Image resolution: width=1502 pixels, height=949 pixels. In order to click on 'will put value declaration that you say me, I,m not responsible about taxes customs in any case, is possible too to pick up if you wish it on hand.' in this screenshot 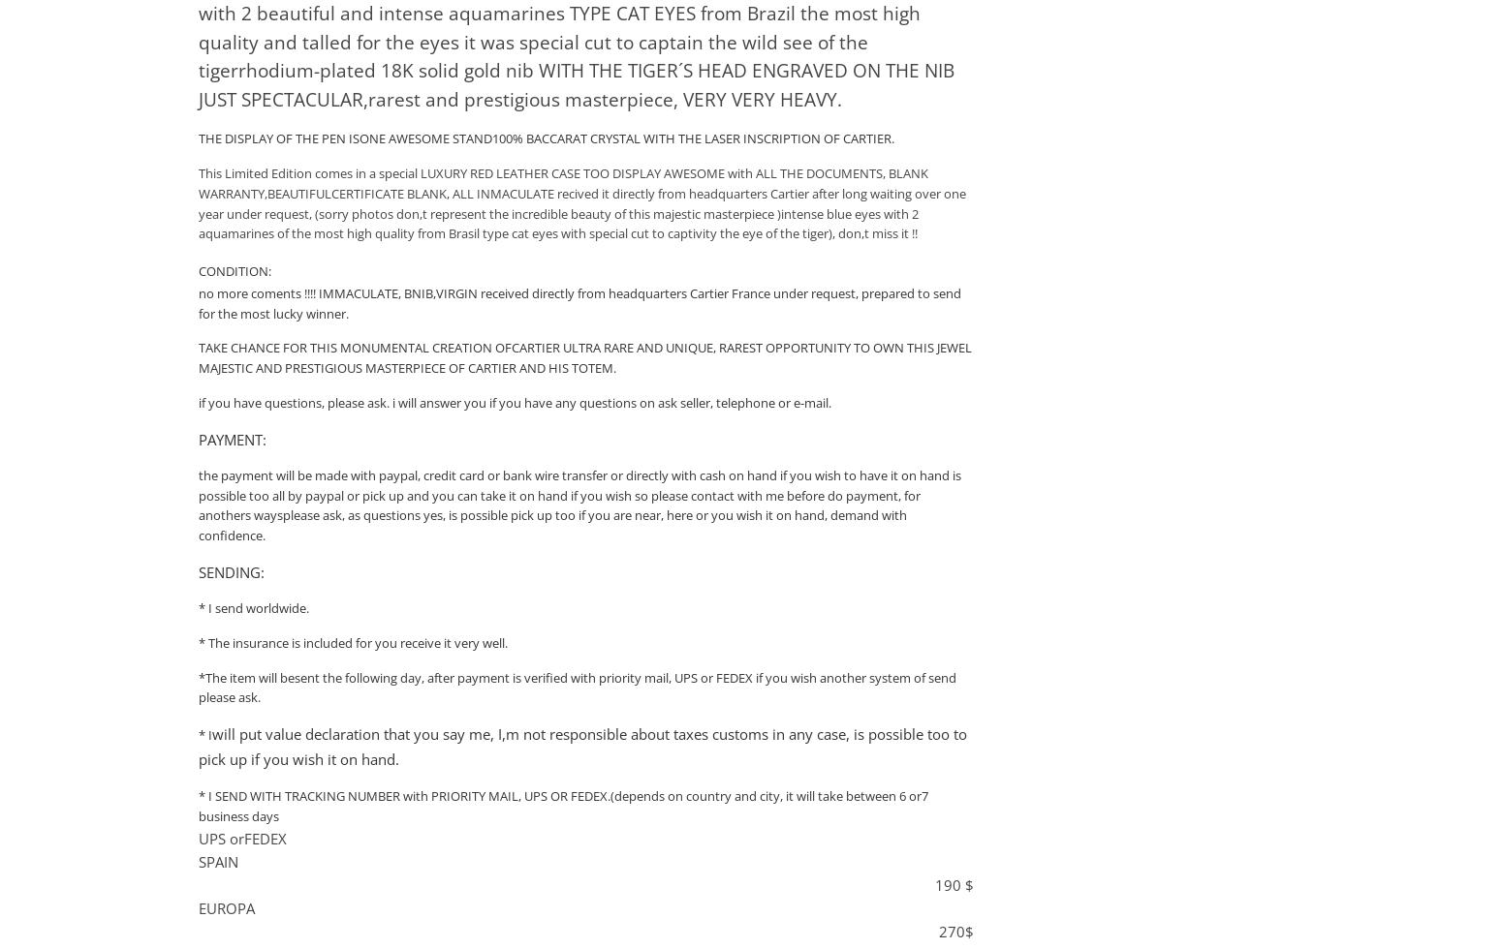, I will do `click(198, 746)`.